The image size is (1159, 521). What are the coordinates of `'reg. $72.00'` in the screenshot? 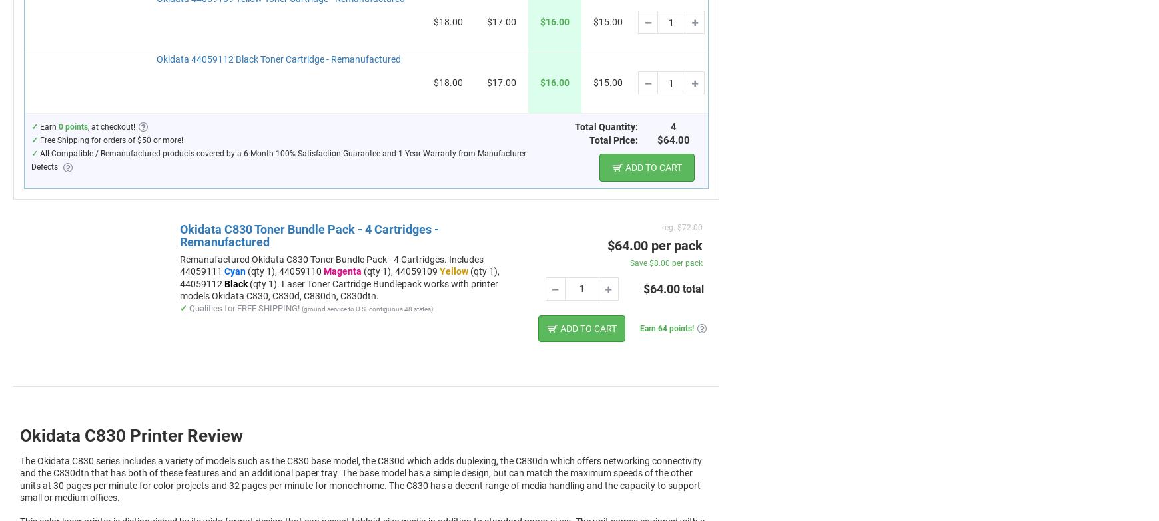 It's located at (681, 226).